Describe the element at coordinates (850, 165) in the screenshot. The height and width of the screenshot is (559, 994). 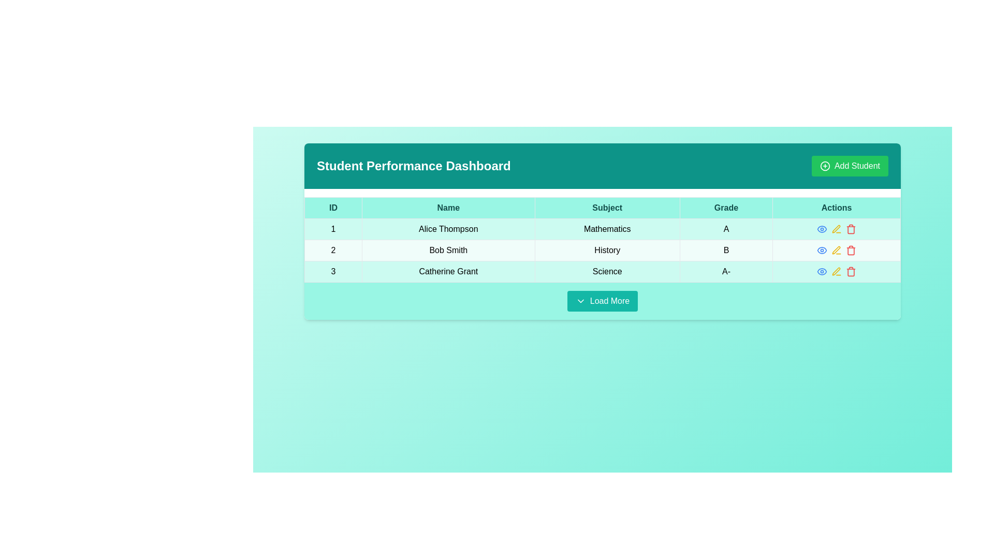
I see `the green rectangular button labeled 'Add Student' at the top right corner of the 'Student Performance Dashboard' to change its color` at that location.